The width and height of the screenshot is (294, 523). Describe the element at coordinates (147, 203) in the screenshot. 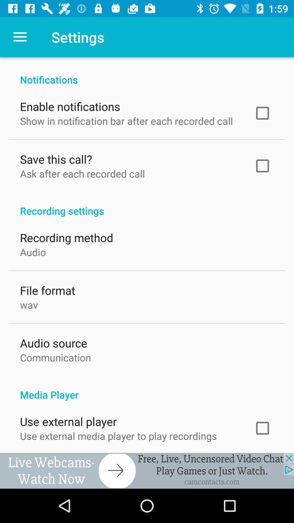

I see `the recording settings item` at that location.